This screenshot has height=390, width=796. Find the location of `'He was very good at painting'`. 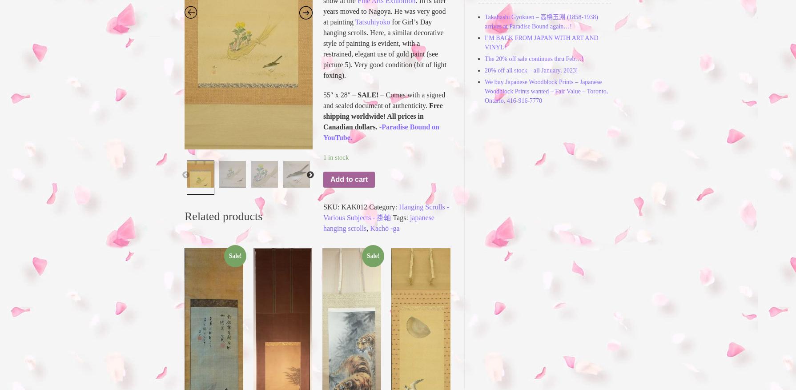

'He was very good at painting' is located at coordinates (384, 16).